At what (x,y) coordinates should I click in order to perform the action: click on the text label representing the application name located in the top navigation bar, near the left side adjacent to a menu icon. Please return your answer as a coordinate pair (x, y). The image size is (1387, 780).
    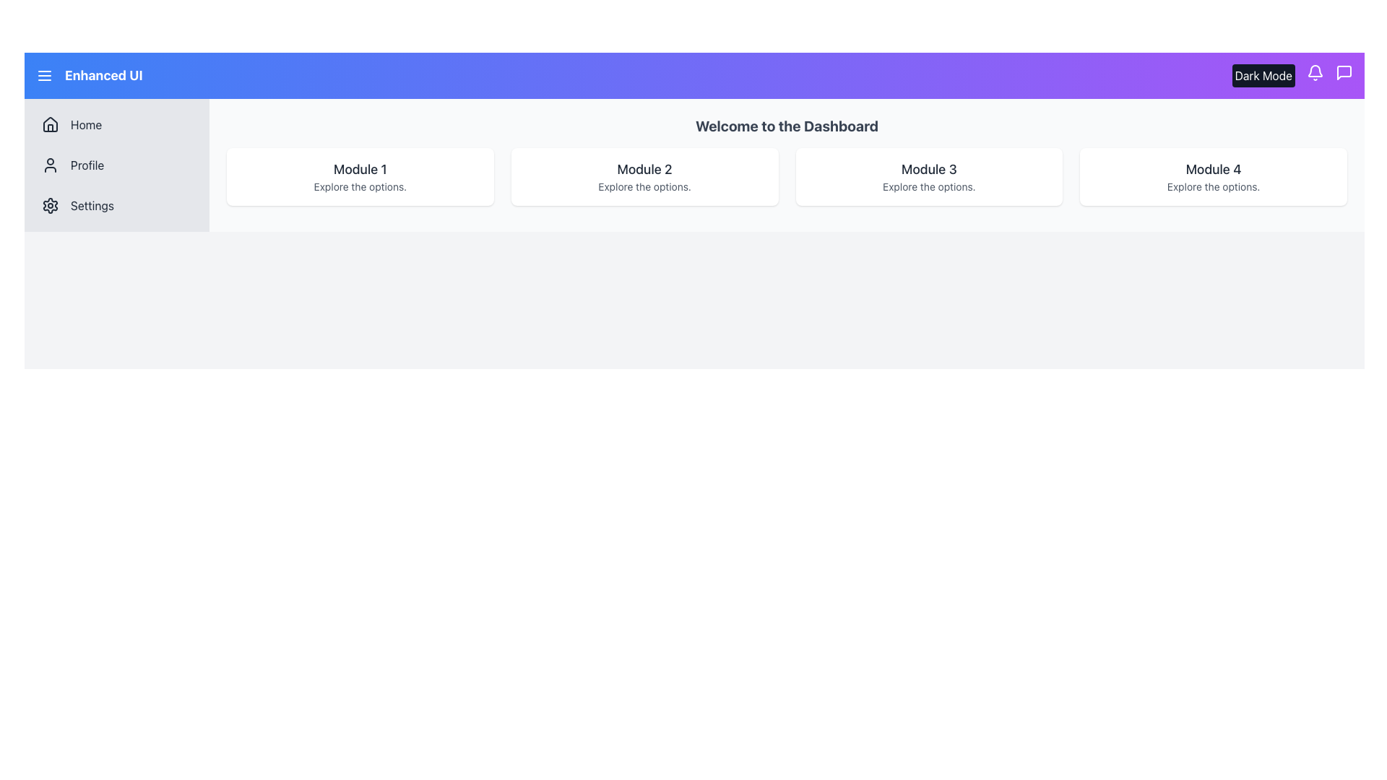
    Looking at the image, I should click on (88, 75).